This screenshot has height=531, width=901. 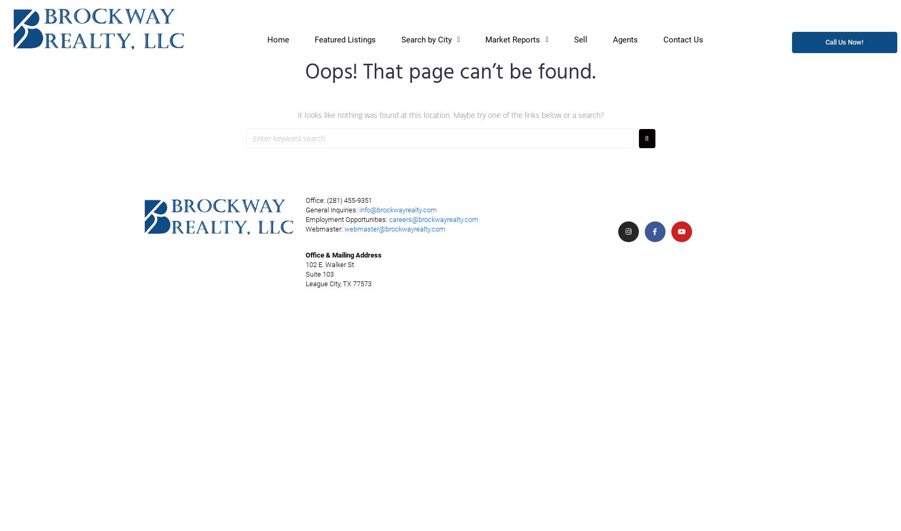 I want to click on 'League City, TX 77573', so click(x=338, y=284).